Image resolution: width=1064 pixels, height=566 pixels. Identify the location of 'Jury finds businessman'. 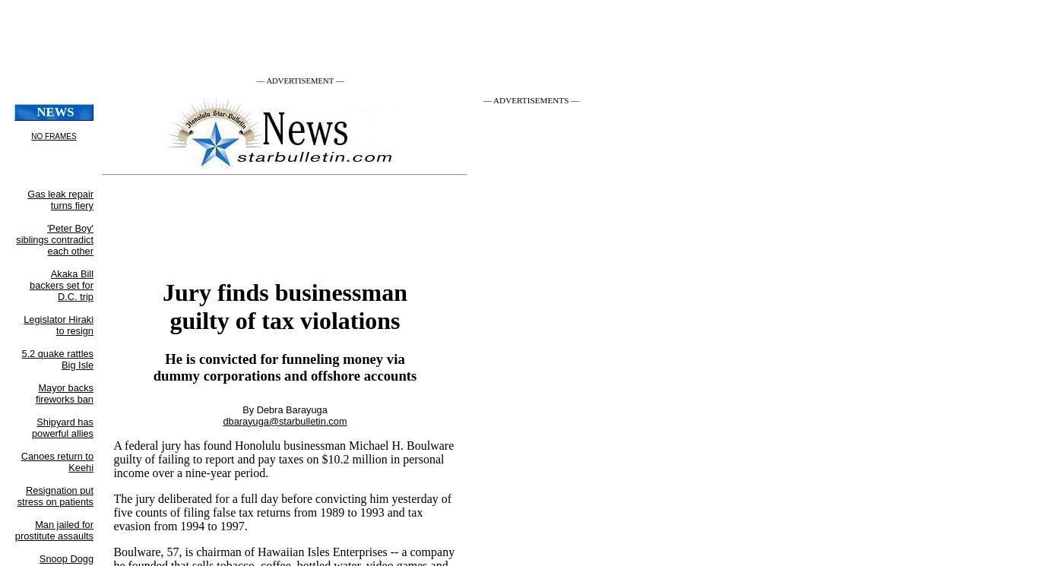
(284, 290).